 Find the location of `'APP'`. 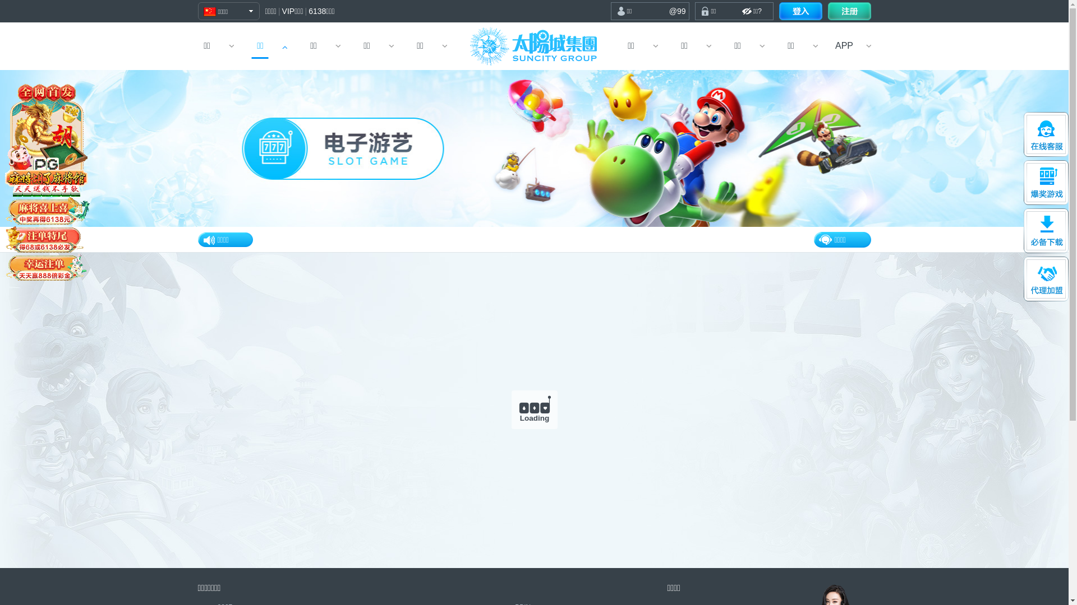

'APP' is located at coordinates (818, 45).